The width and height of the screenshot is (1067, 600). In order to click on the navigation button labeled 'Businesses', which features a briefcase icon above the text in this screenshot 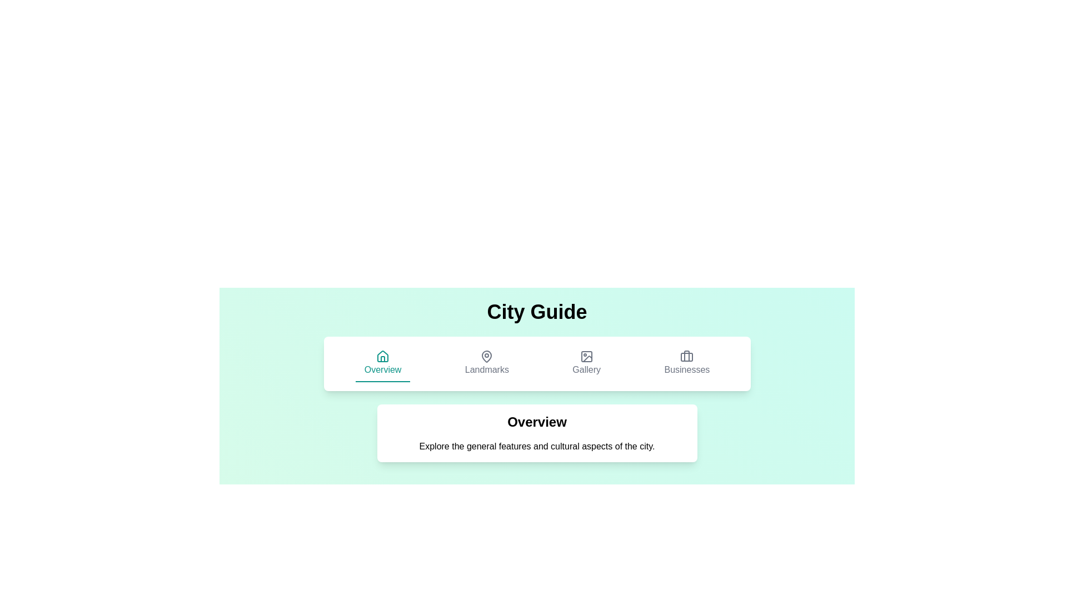, I will do `click(686, 364)`.